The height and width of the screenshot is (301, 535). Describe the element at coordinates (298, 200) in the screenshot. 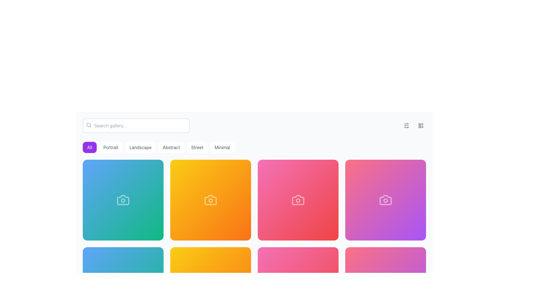

I see `the camera icon located in the second row and third column of the colorful tile grid` at that location.